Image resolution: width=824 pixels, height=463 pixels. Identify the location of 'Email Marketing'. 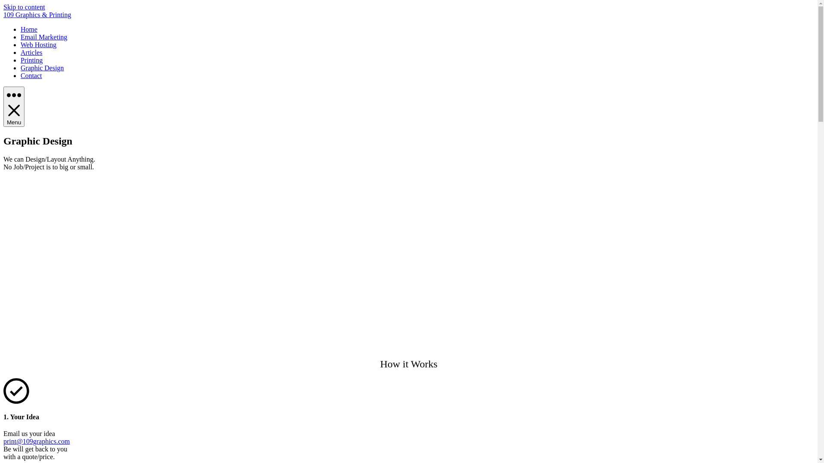
(43, 36).